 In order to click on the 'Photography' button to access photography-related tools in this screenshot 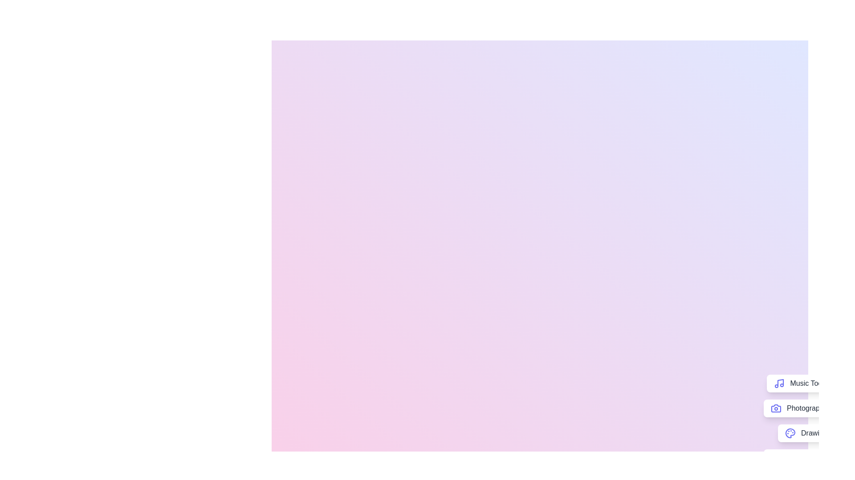, I will do `click(799, 408)`.